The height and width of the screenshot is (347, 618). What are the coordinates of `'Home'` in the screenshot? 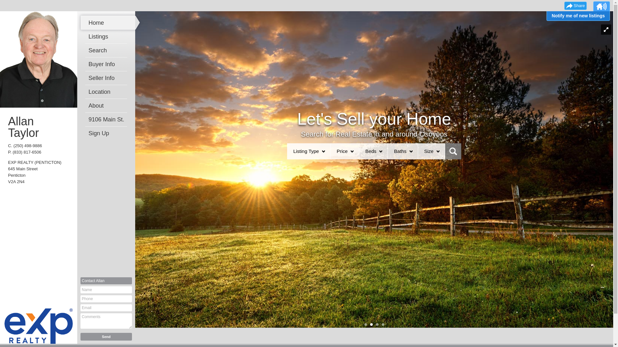 It's located at (88, 22).